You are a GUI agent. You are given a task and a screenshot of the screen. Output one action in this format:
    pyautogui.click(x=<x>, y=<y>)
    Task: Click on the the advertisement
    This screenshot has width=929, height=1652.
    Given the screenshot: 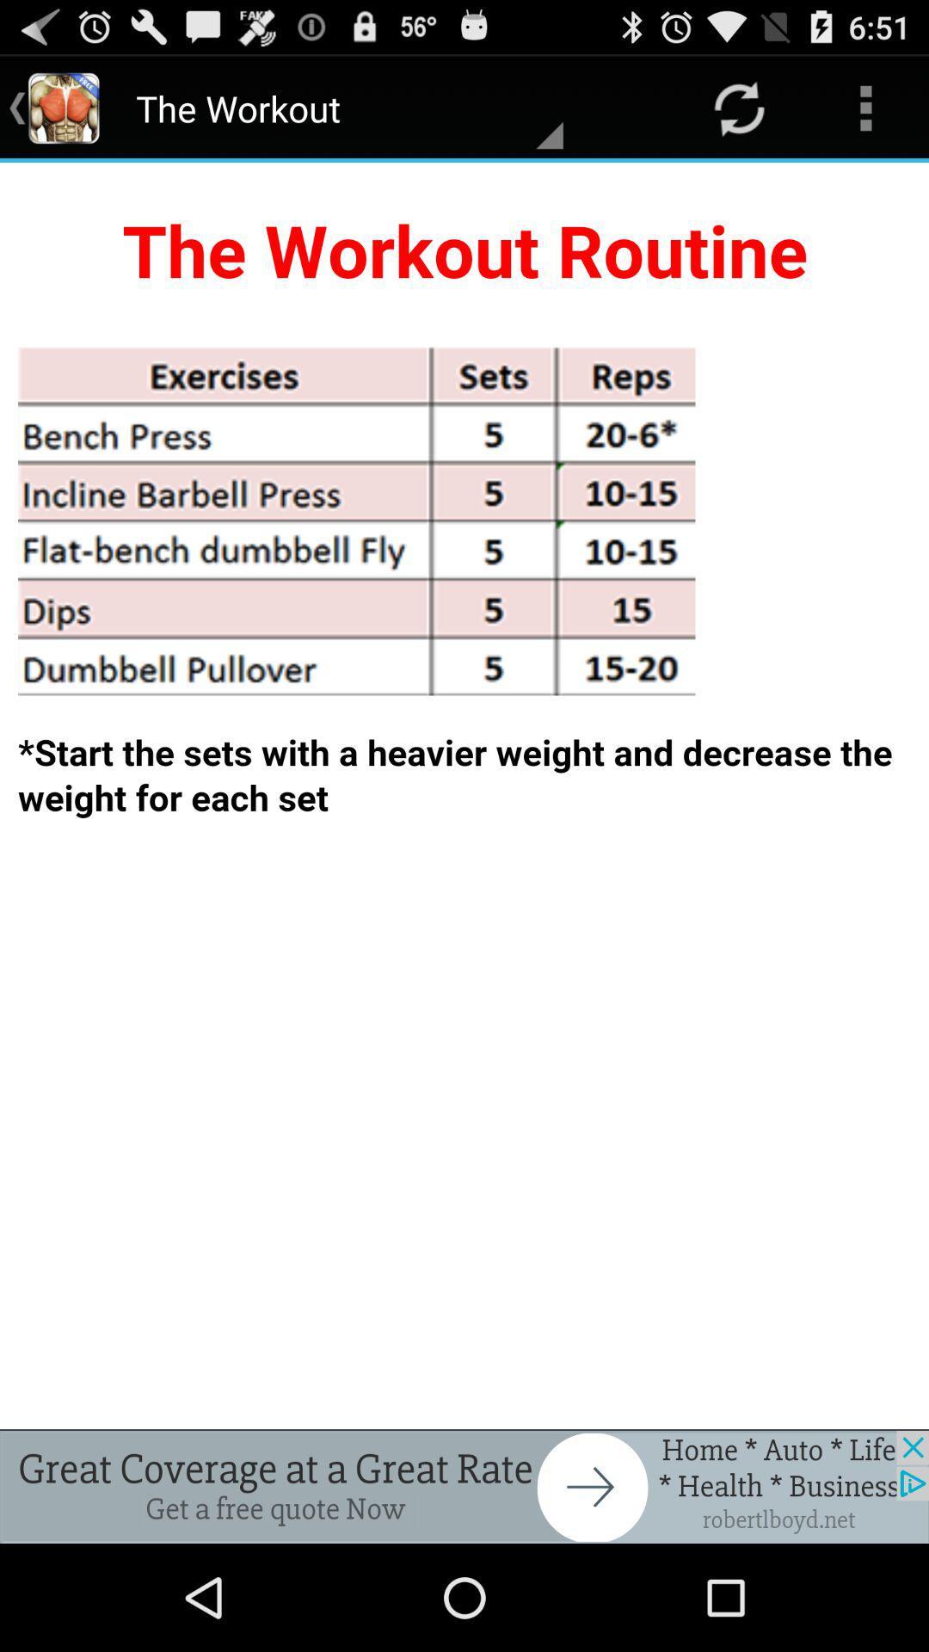 What is the action you would take?
    pyautogui.click(x=464, y=1486)
    